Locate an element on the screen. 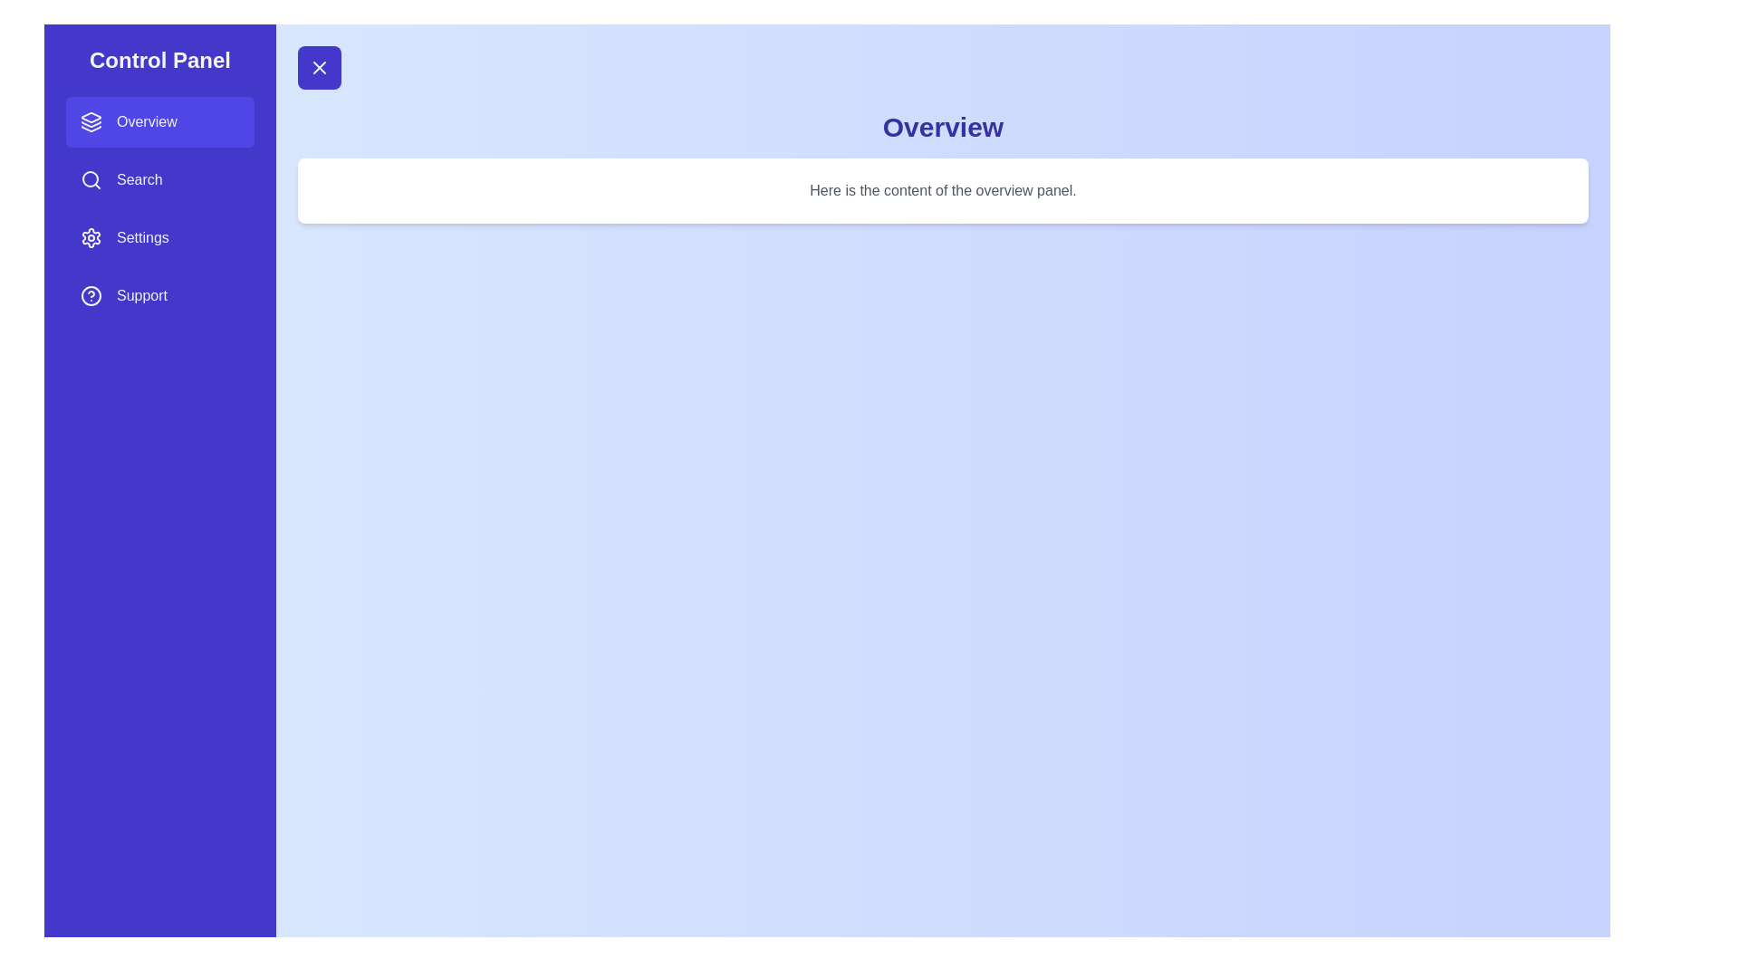  the panel Support from the sidebar is located at coordinates (160, 295).